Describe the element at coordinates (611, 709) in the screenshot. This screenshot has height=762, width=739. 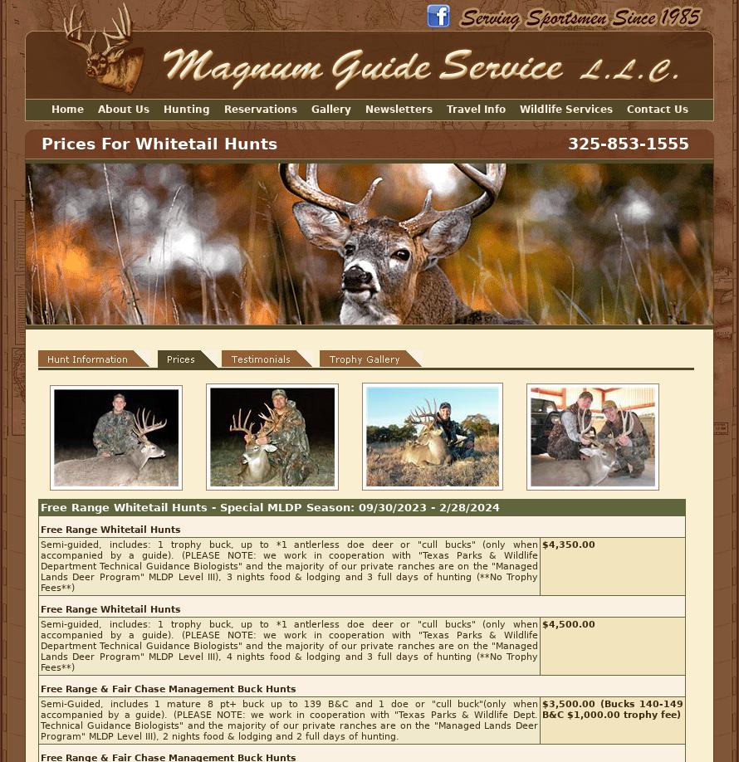
I see `'$3,500.00         (Bucks 140-149 B&C $1,000.00 trophy fee)'` at that location.